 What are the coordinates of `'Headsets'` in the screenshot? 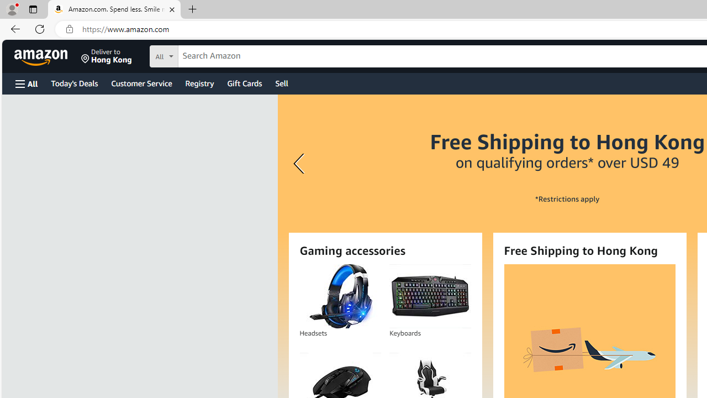 It's located at (339, 296).